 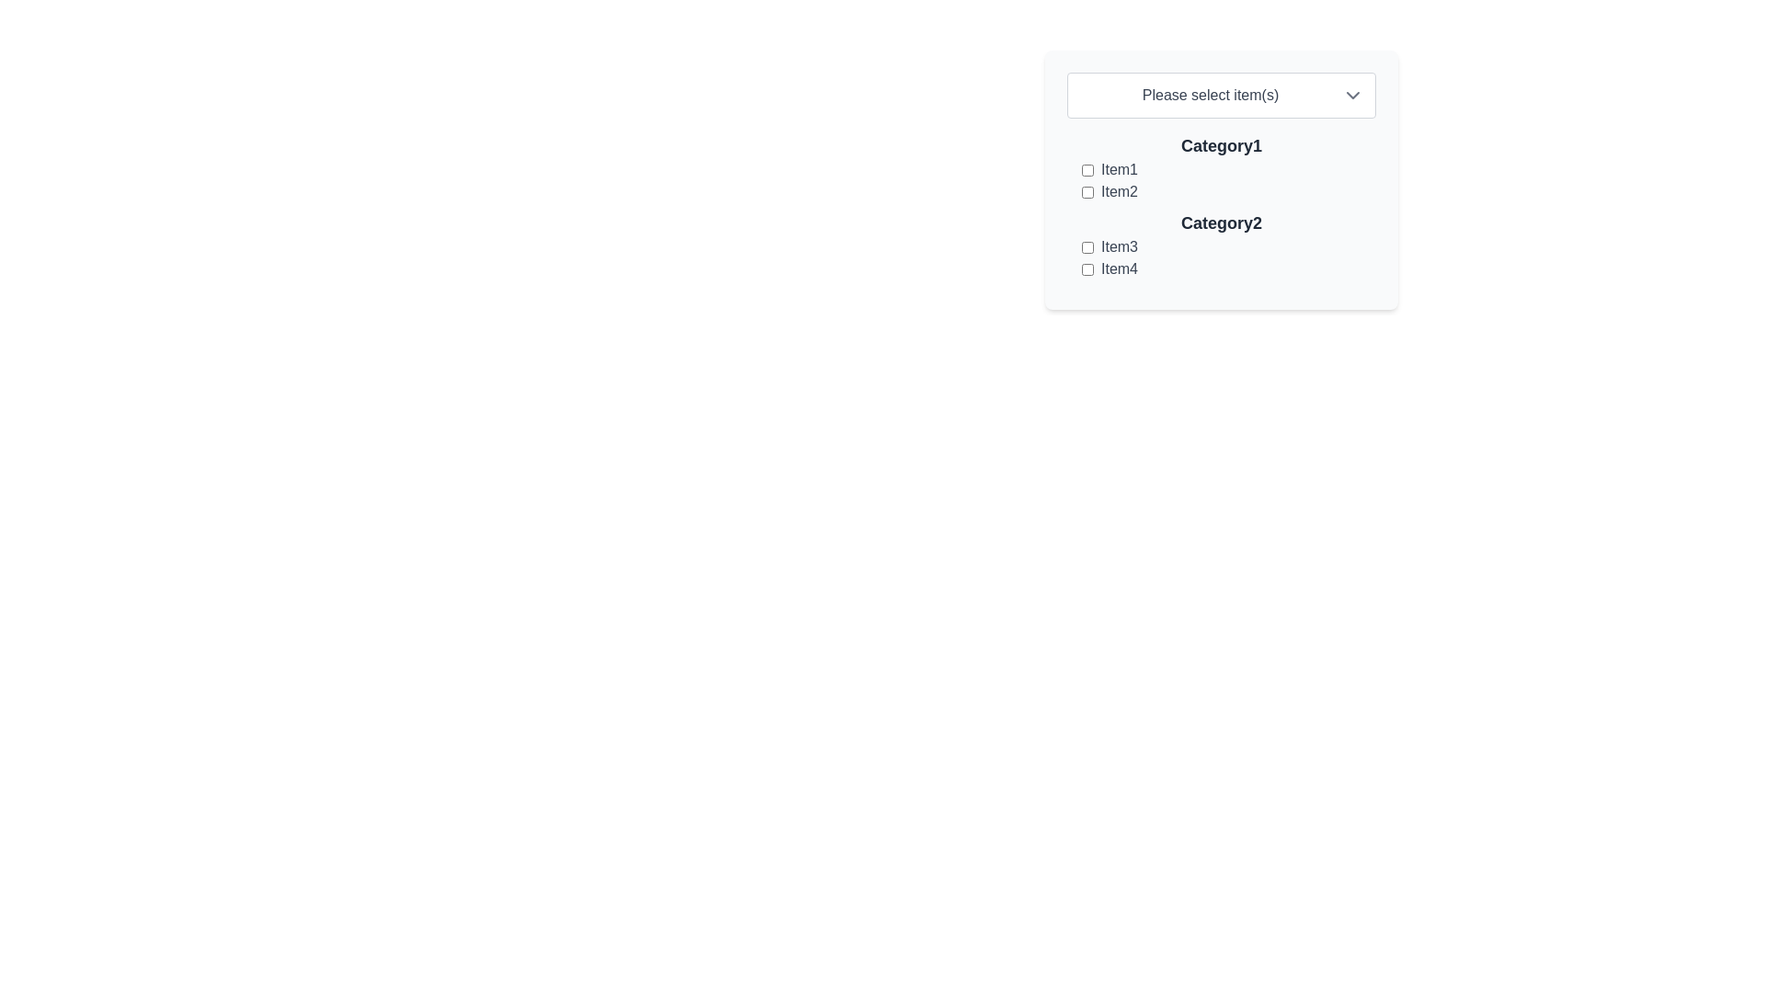 What do you see at coordinates (1119, 246) in the screenshot?
I see `the text label displaying 'Item3' in gray font, aligned to the right of a checkbox under the heading 'Category2'` at bounding box center [1119, 246].